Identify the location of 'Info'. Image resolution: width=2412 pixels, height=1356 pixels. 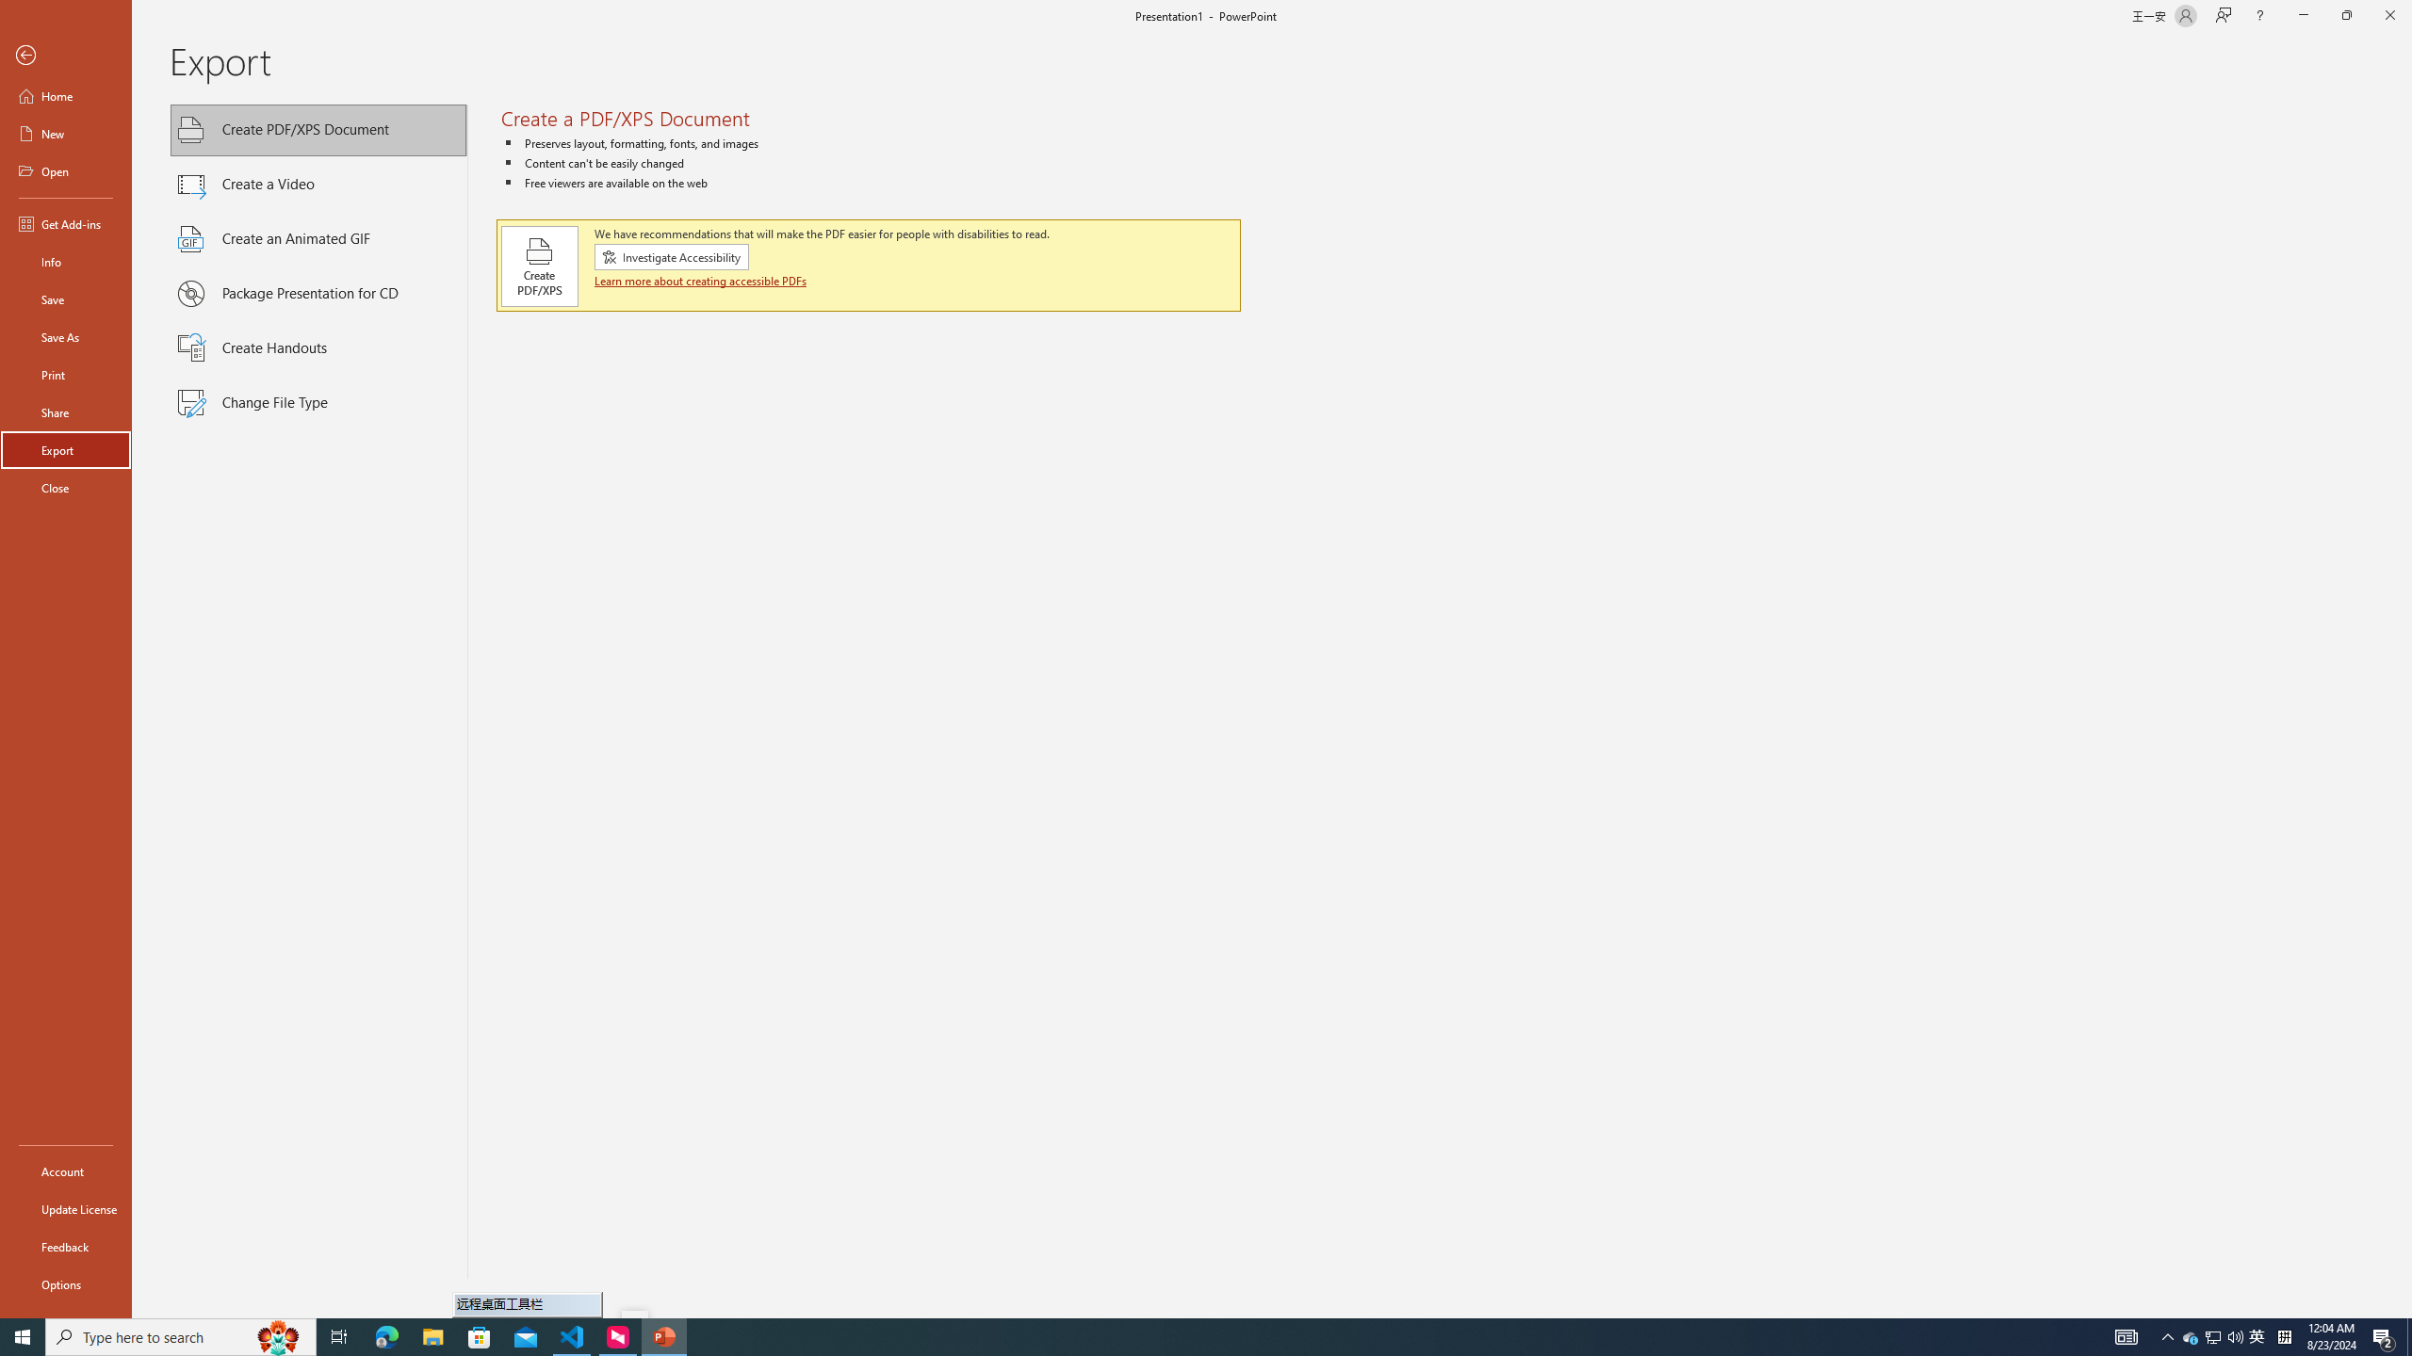
(65, 260).